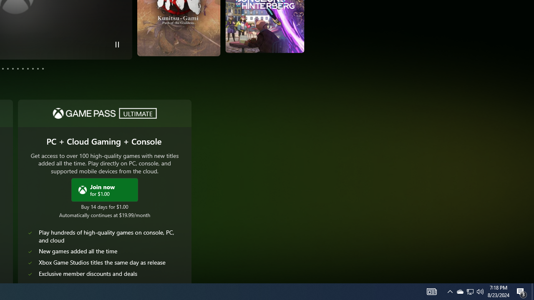 The height and width of the screenshot is (300, 534). I want to click on 'Page 11', so click(37, 68).